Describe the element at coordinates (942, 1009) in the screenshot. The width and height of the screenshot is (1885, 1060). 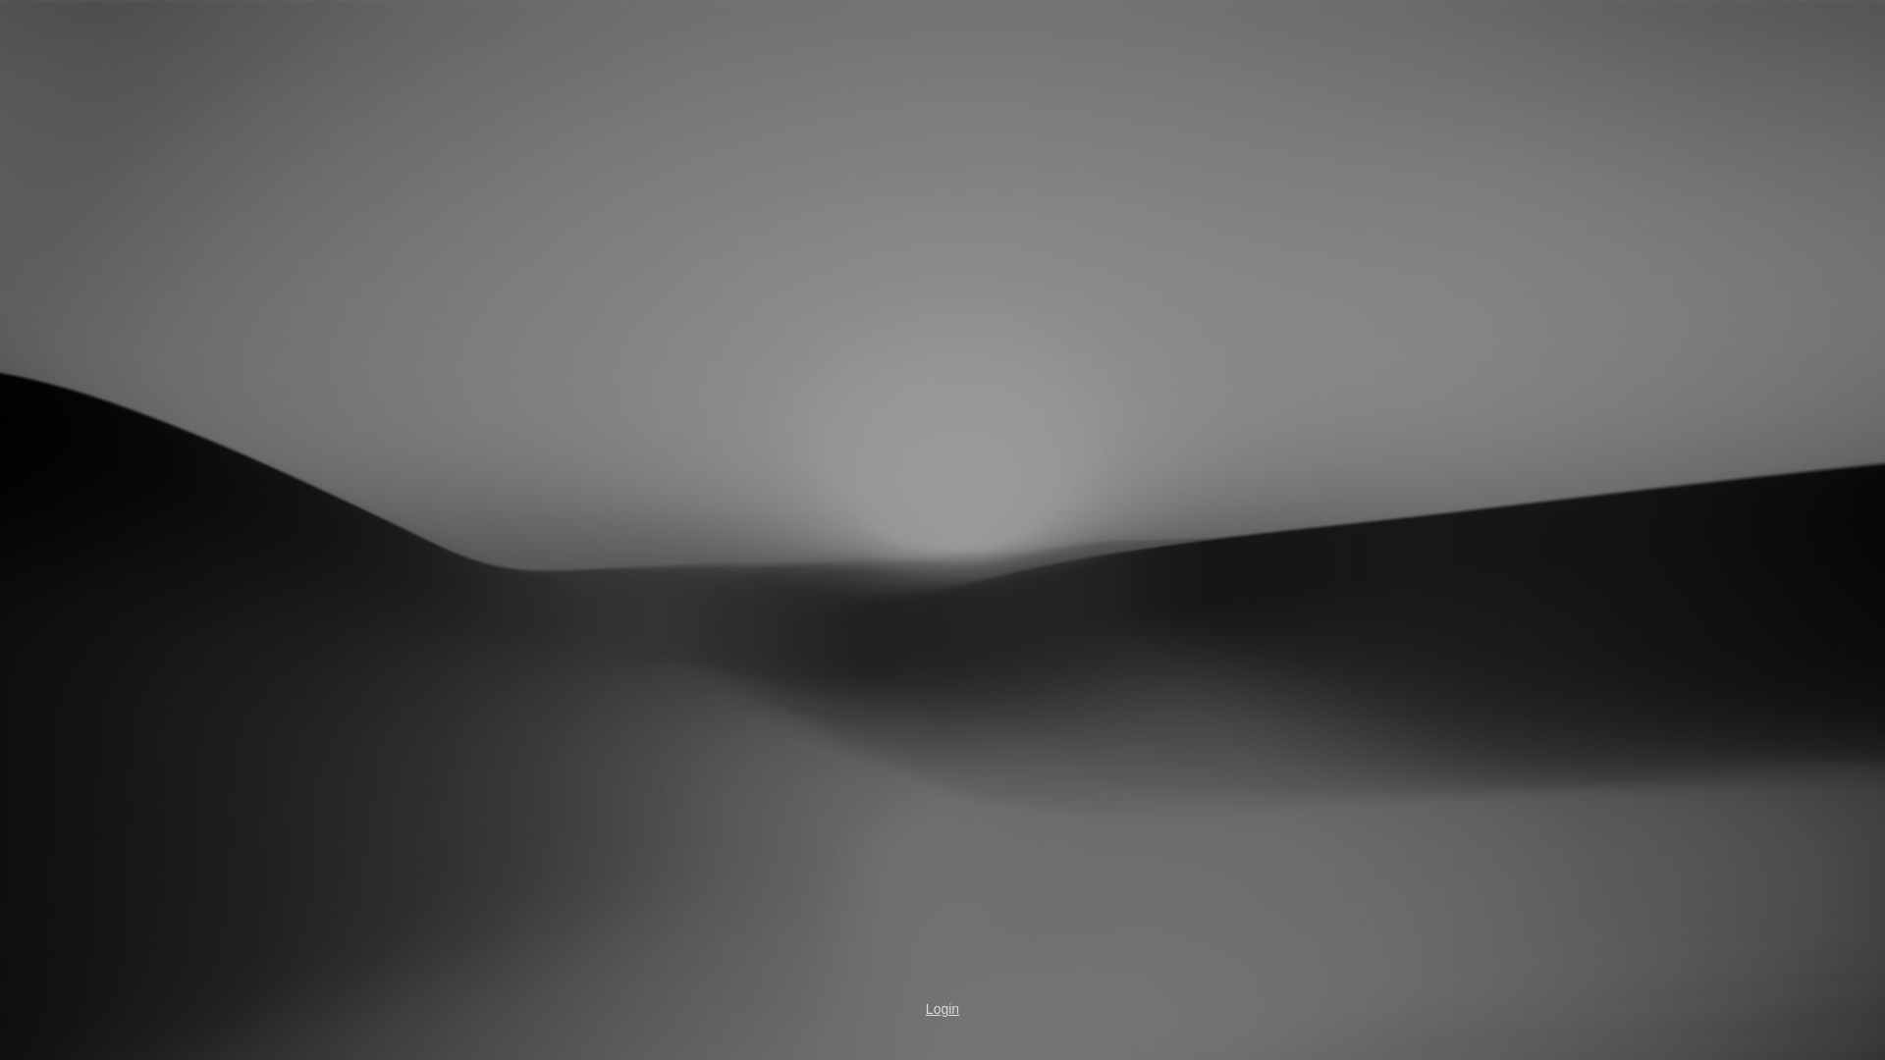
I see `'Login'` at that location.